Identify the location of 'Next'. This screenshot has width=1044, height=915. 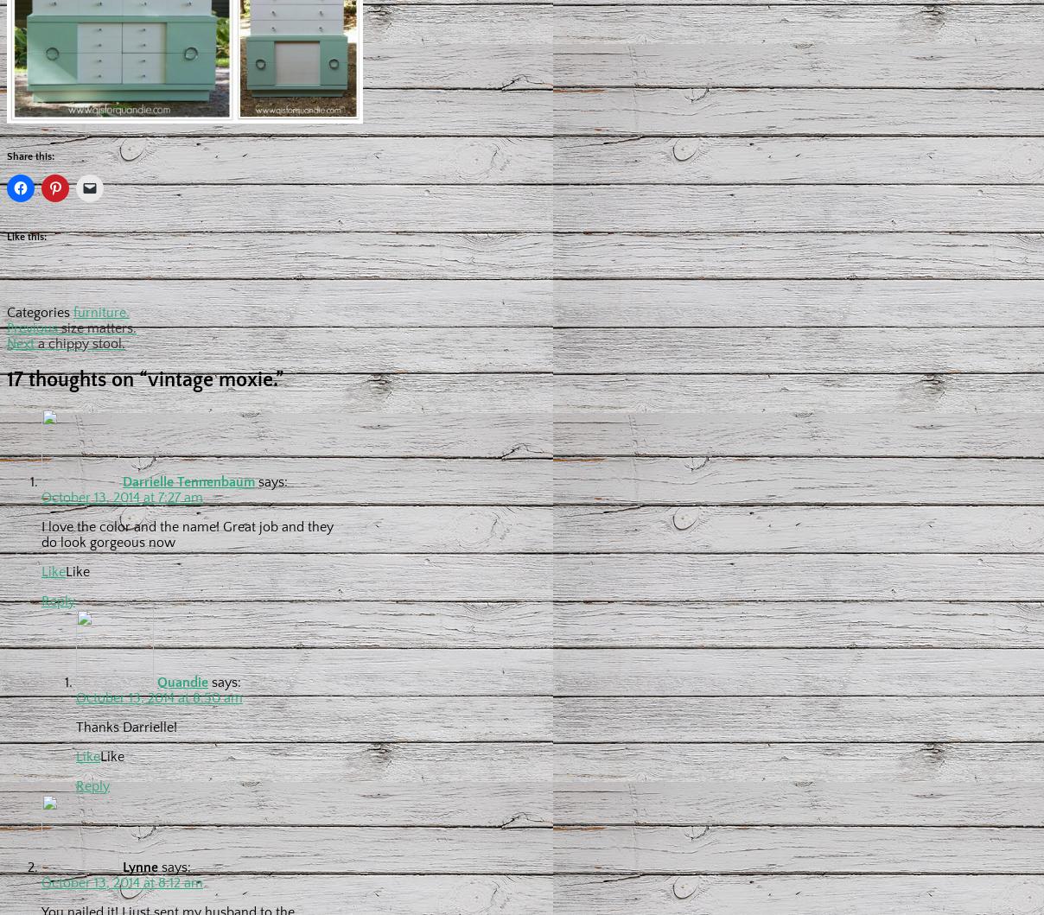
(20, 342).